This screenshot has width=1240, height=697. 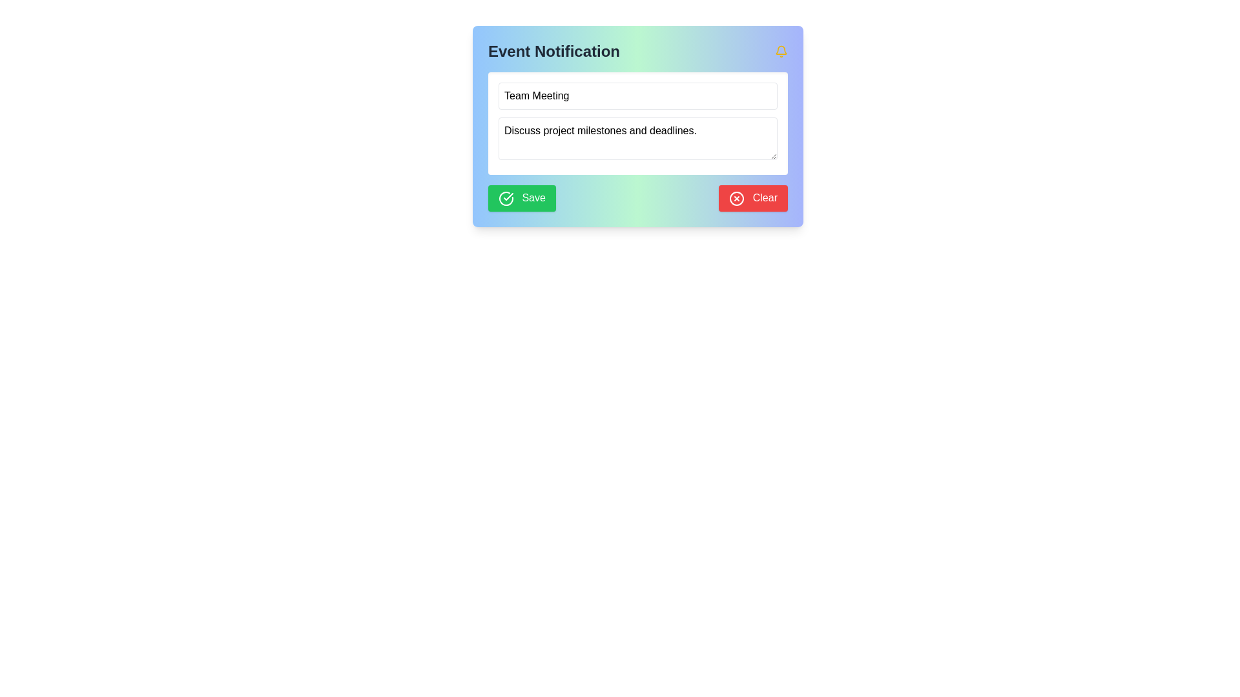 I want to click on the prominent 'Event Notification' header text, which is styled in bold font and large size, positioned at the upper section of the interface with a gradient background, so click(x=554, y=51).